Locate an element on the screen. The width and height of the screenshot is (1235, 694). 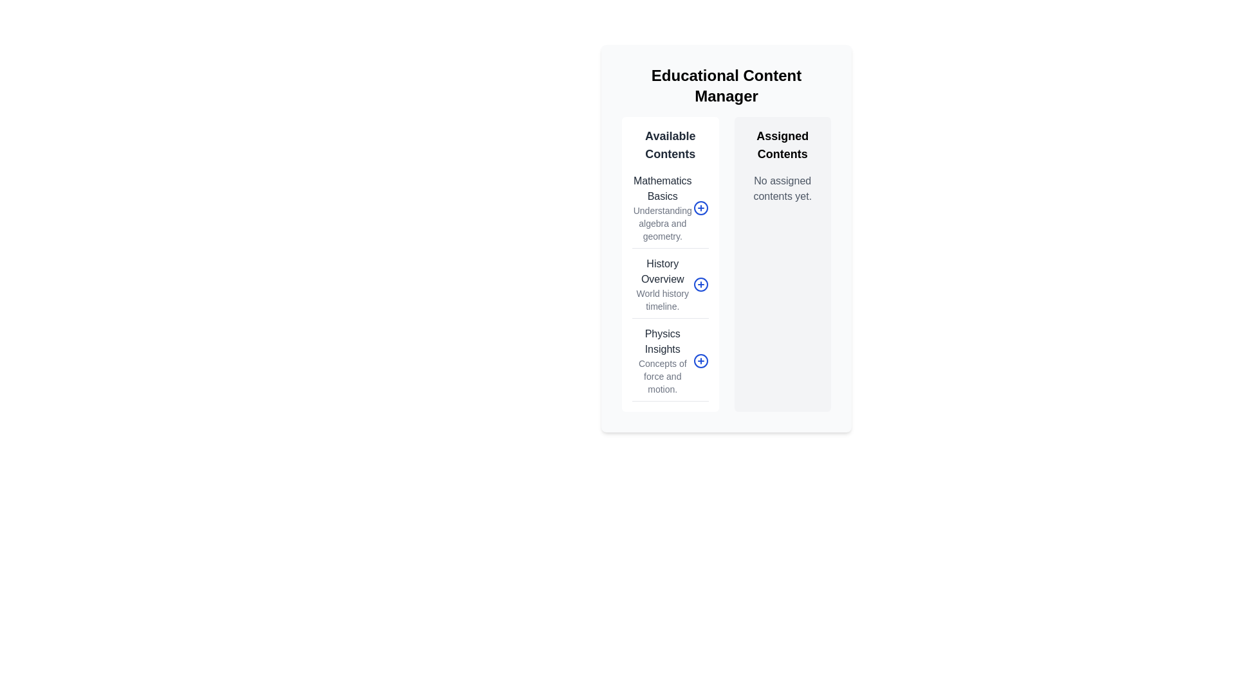
the text label displaying 'Available Contents', which is styled in bold and slightly larger text, positioned at the top of the left section above the educational topics list is located at coordinates (670, 145).